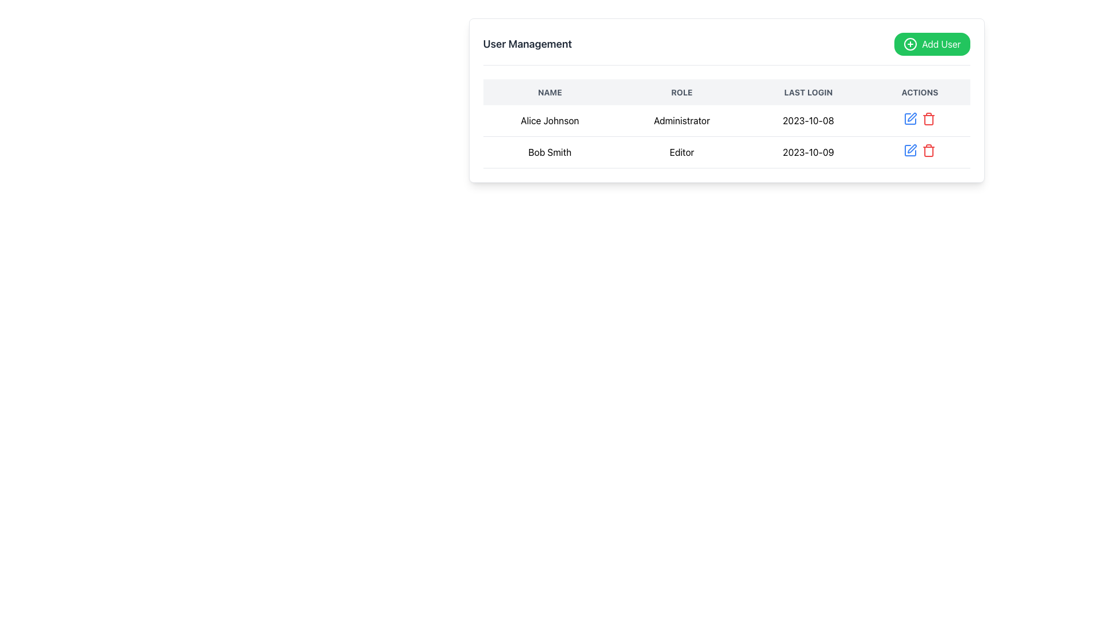 Image resolution: width=1105 pixels, height=621 pixels. I want to click on the button located in the top-right corner of the 'User Management' section to initiate the process of adding a new user, so click(932, 44).